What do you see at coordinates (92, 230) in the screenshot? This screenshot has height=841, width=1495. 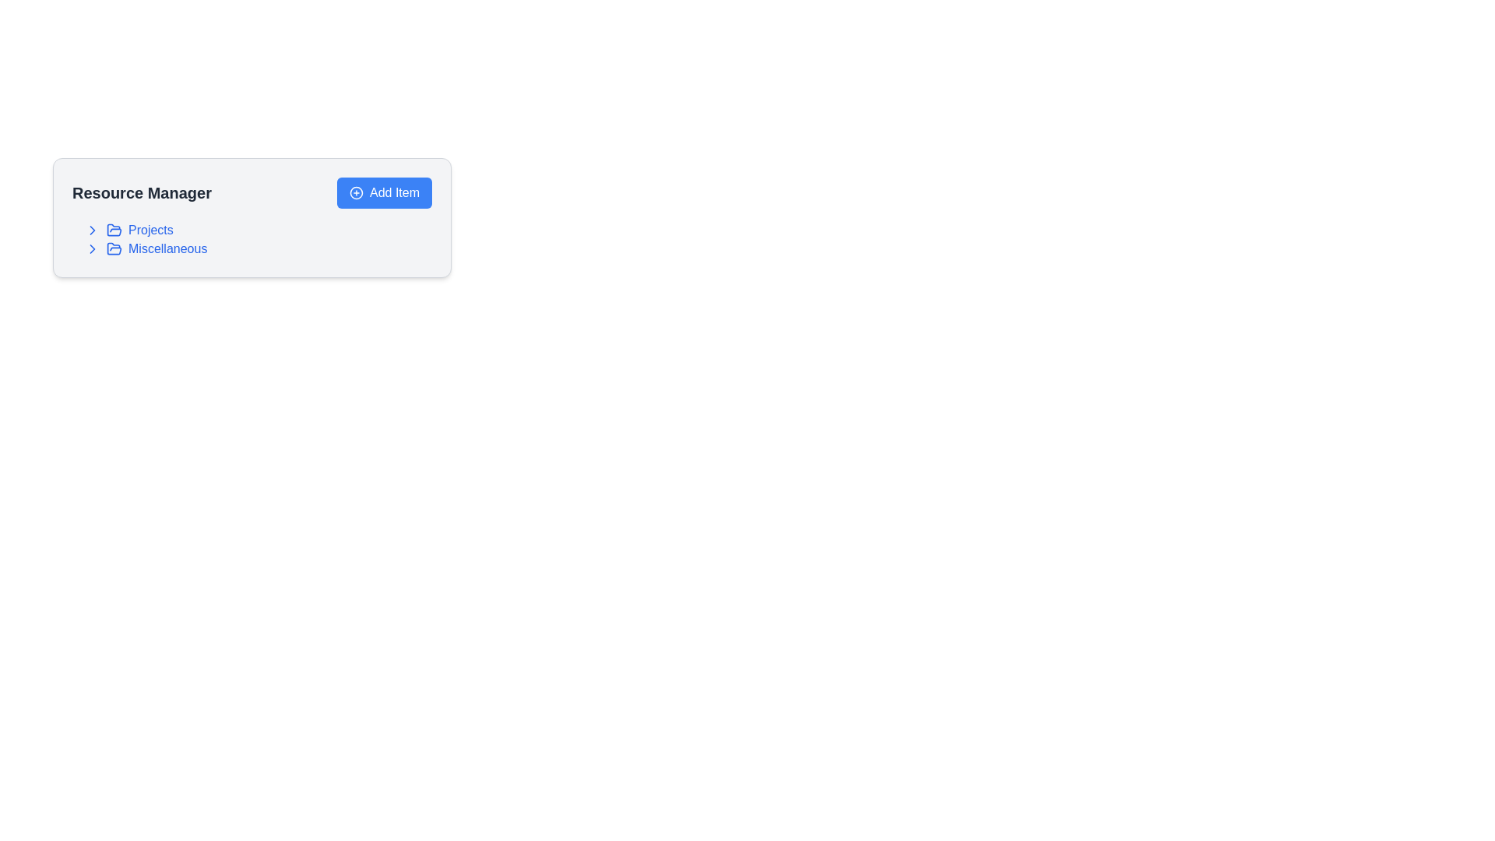 I see `the chevron icon to the left of the 'Projects' text in the 'Resource Manager' section` at bounding box center [92, 230].